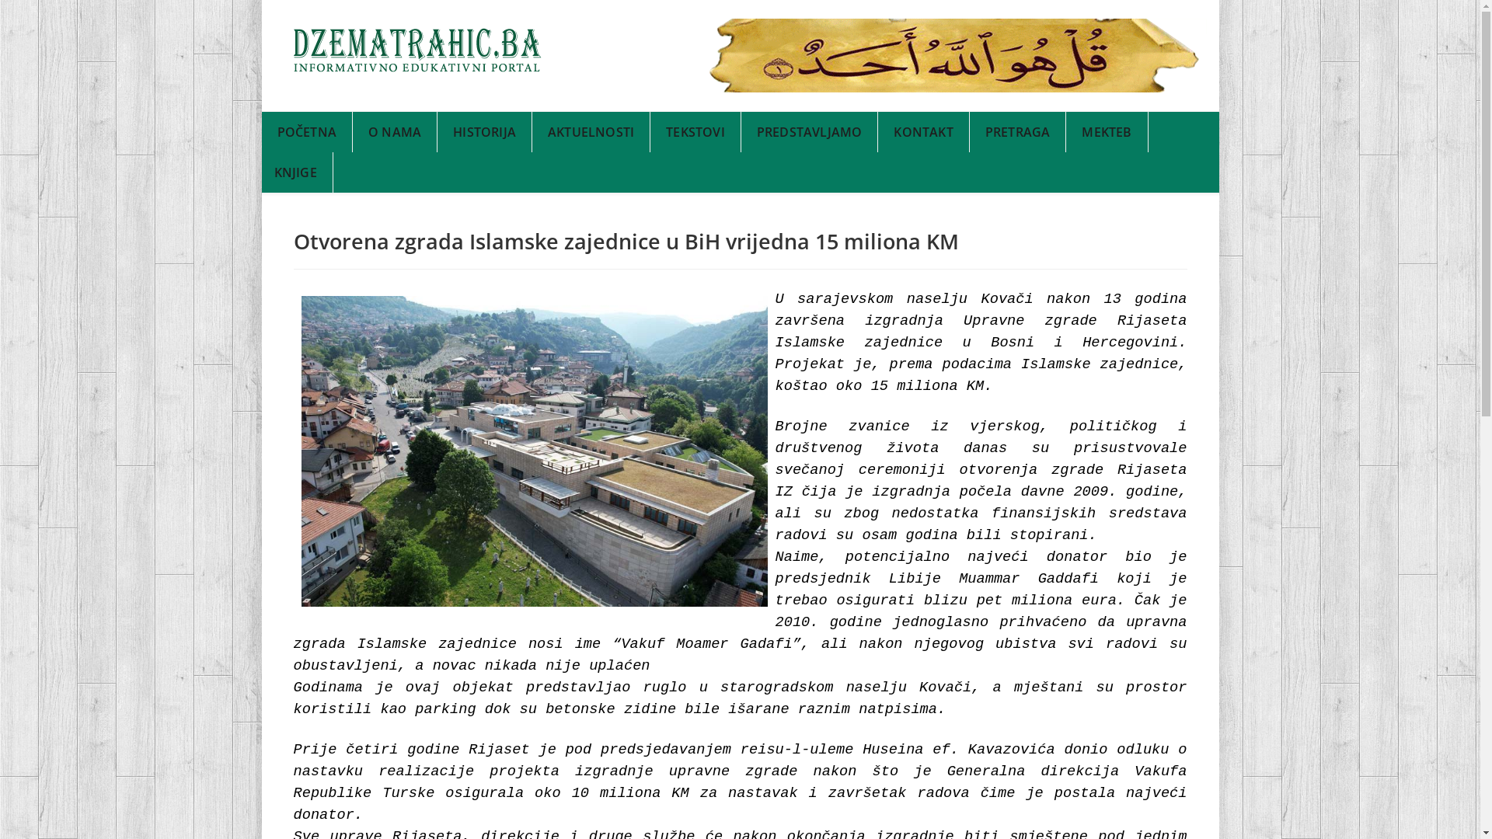  Describe the element at coordinates (395, 131) in the screenshot. I see `'O NAMA'` at that location.